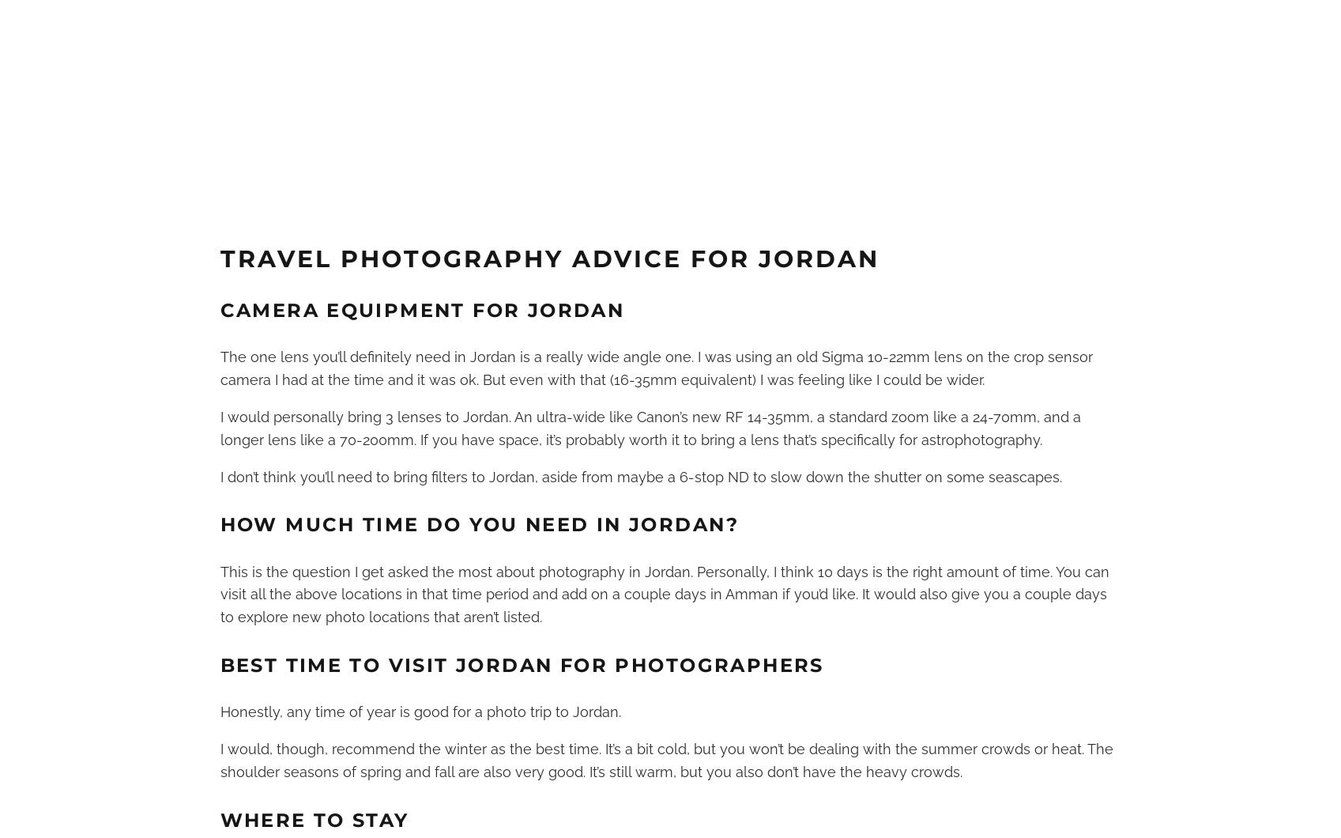 This screenshot has height=838, width=1341. What do you see at coordinates (548, 259) in the screenshot?
I see `'Travel Photography Advice for Jordan'` at bounding box center [548, 259].